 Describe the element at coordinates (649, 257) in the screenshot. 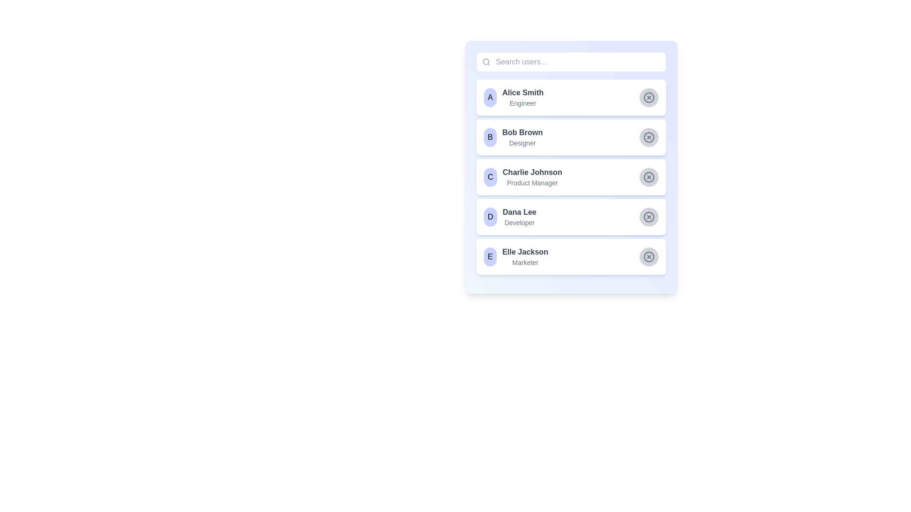

I see `the circular button with a light gray background and an 'X' icon located in the top-right corner of the card for 'Elle Jackson, Marketer'` at that location.